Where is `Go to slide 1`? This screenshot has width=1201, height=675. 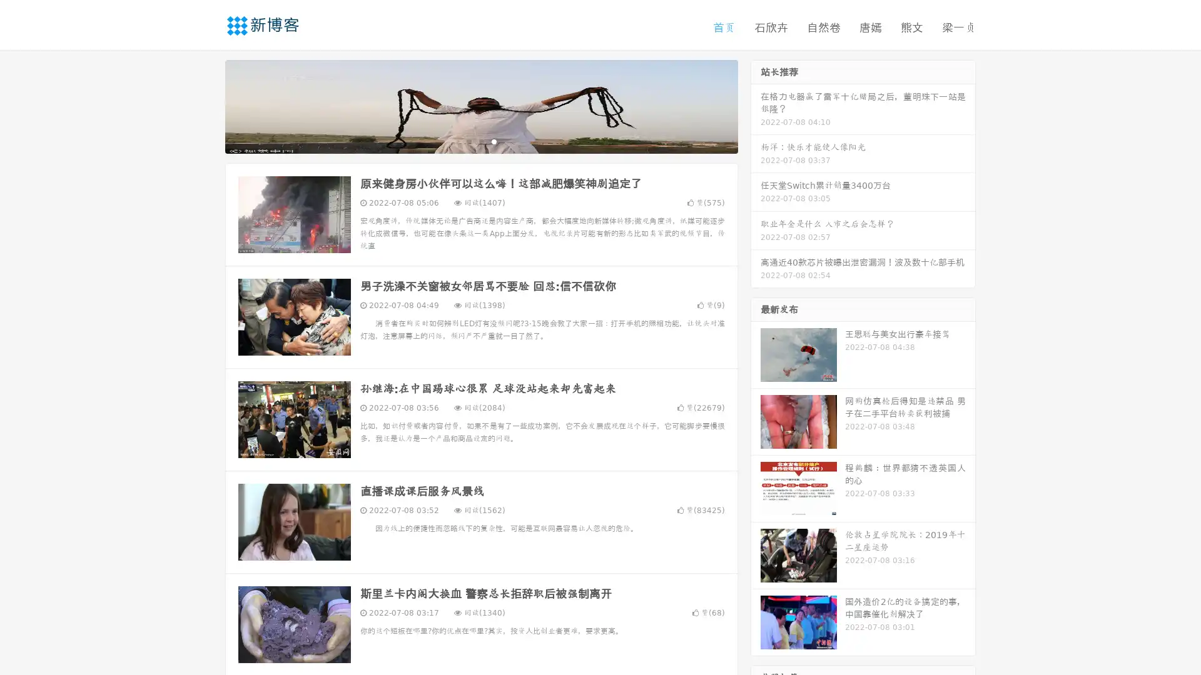 Go to slide 1 is located at coordinates (468, 141).